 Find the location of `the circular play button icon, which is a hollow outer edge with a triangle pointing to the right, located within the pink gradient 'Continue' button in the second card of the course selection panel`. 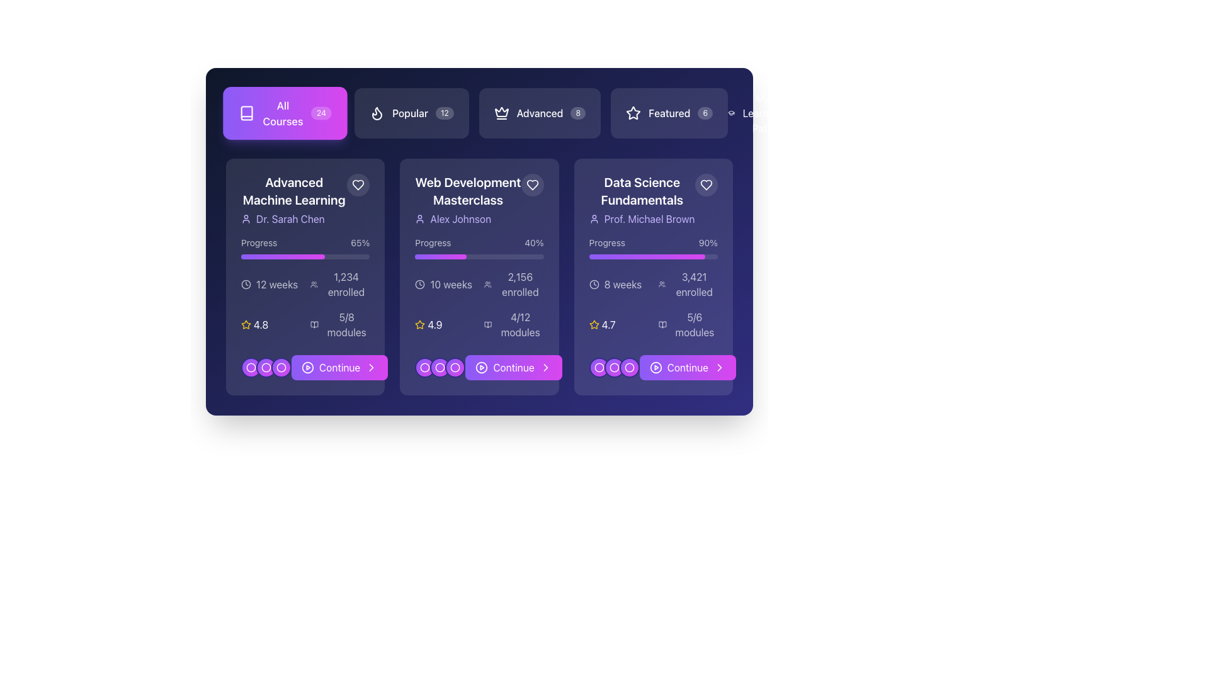

the circular play button icon, which is a hollow outer edge with a triangle pointing to the right, located within the pink gradient 'Continue' button in the second card of the course selection panel is located at coordinates (481, 367).